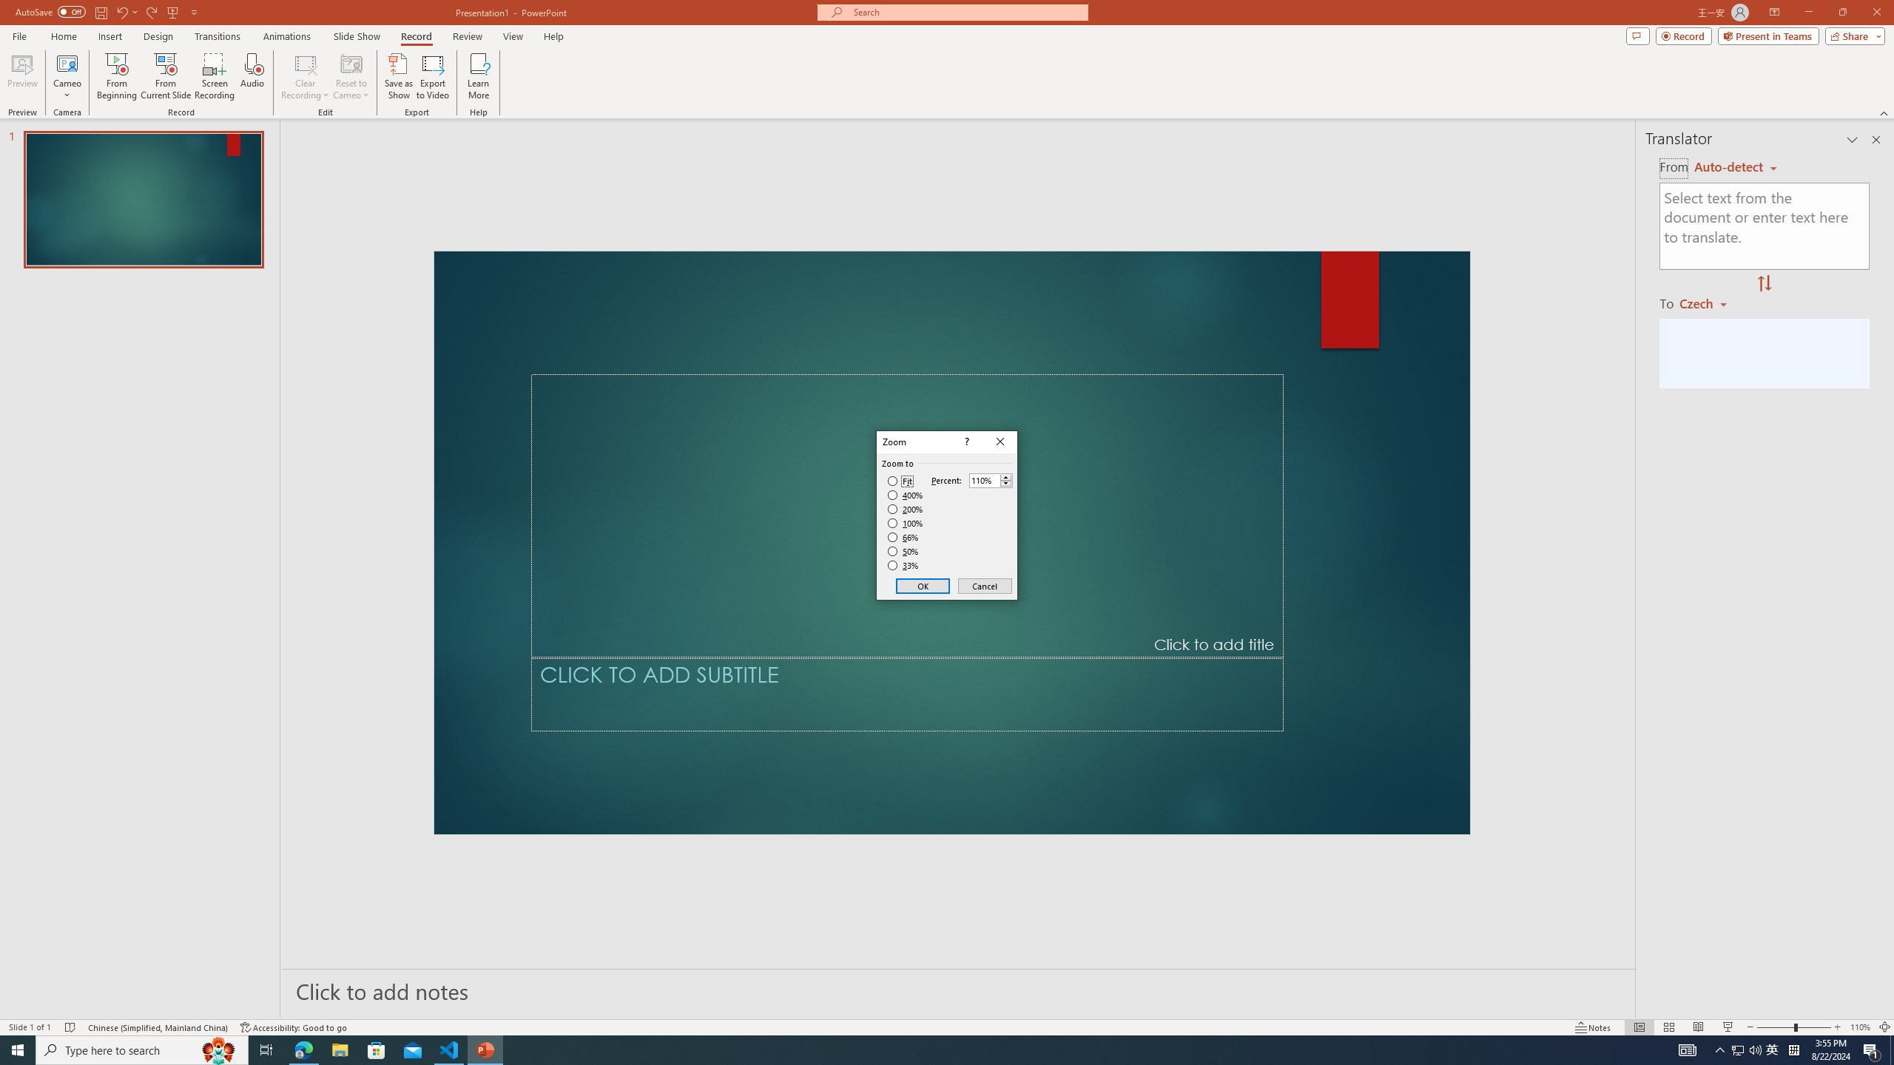 The image size is (1894, 1065). Describe the element at coordinates (166, 76) in the screenshot. I see `'From Current Slide...'` at that location.